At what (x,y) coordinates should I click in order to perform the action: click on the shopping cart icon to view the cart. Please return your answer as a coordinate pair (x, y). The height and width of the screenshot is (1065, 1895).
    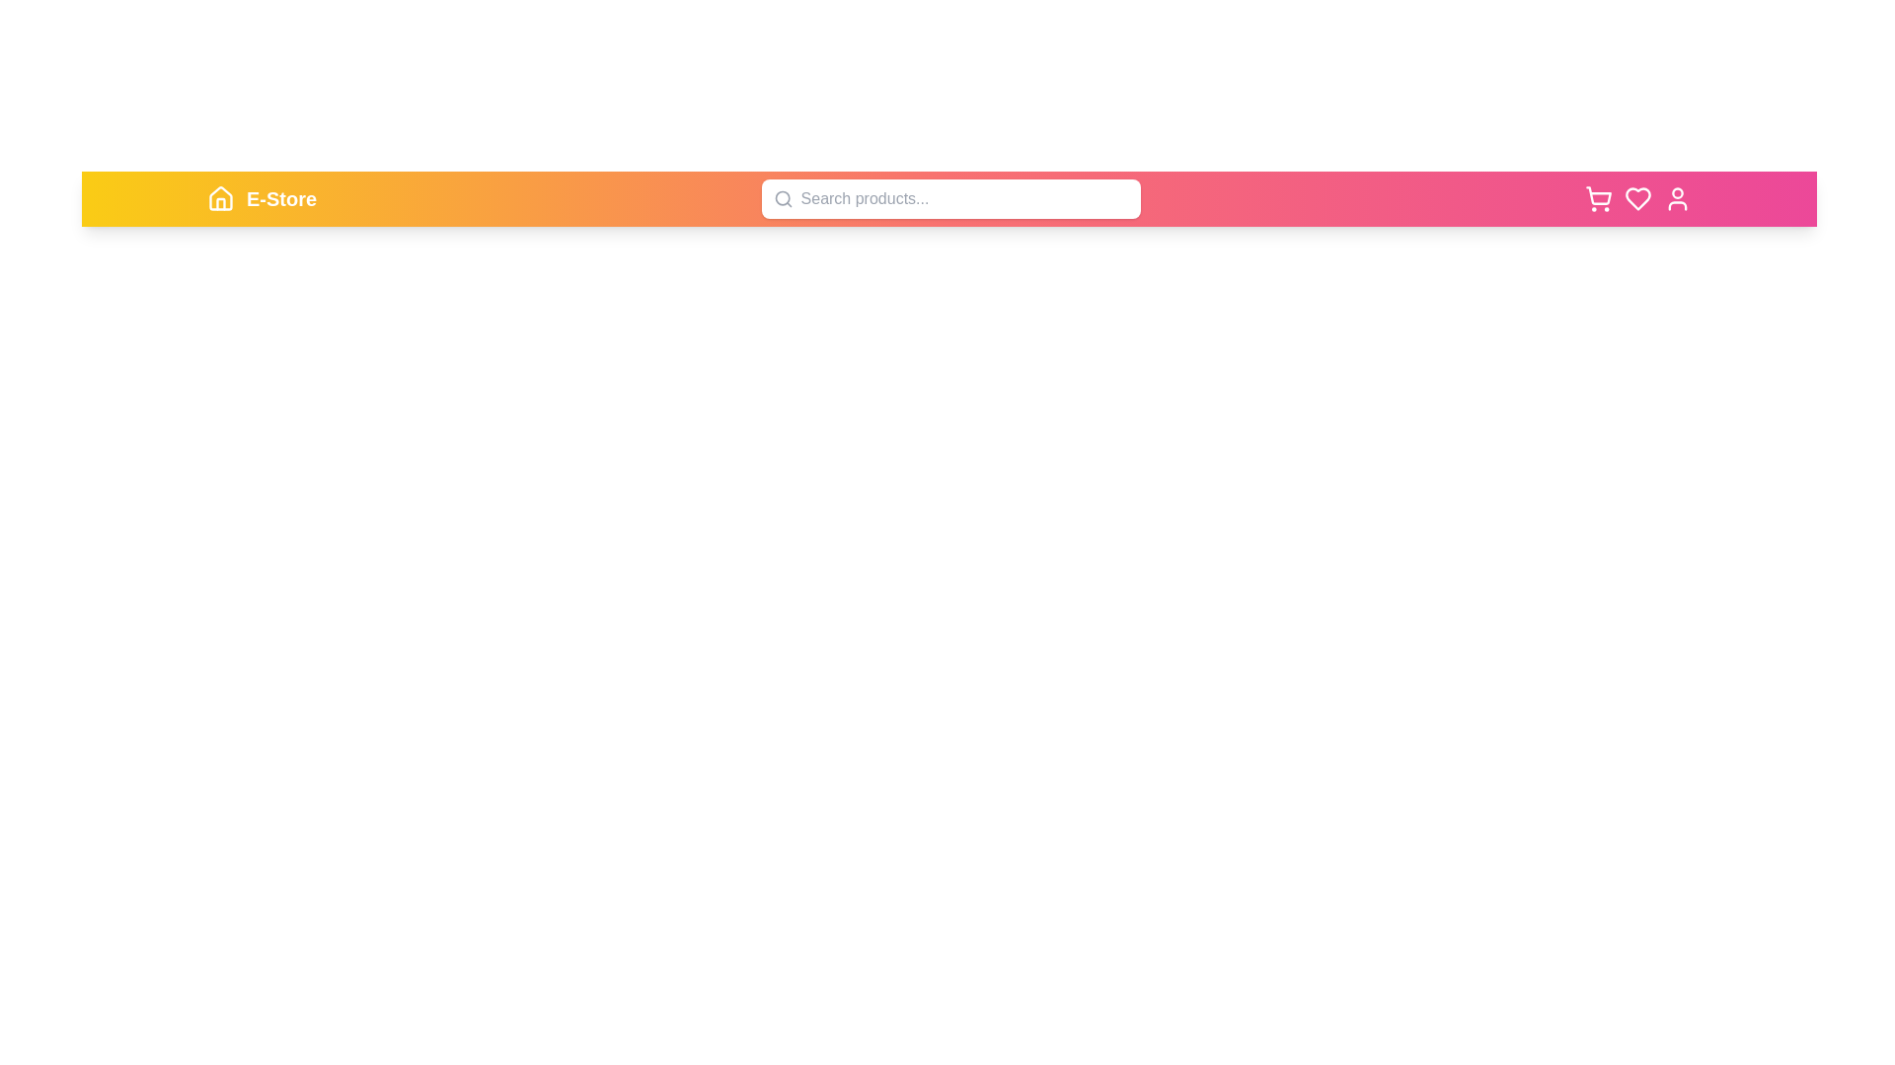
    Looking at the image, I should click on (1599, 198).